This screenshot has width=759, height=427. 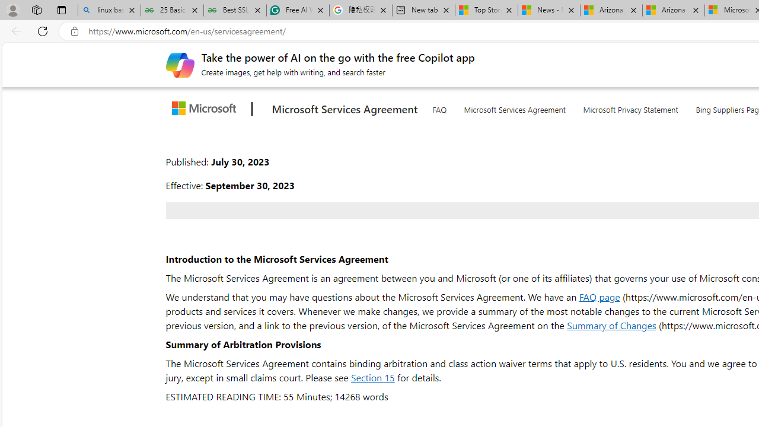 What do you see at coordinates (630, 107) in the screenshot?
I see `'Microsoft Privacy Statement'` at bounding box center [630, 107].